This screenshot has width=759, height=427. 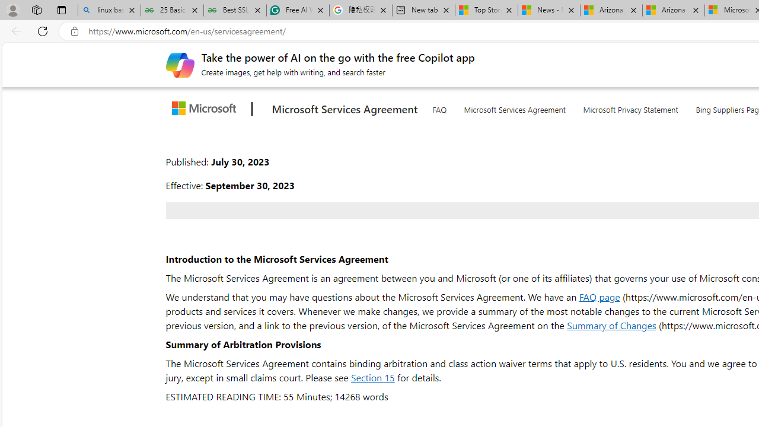 What do you see at coordinates (630, 107) in the screenshot?
I see `'Microsoft Privacy Statement'` at bounding box center [630, 107].